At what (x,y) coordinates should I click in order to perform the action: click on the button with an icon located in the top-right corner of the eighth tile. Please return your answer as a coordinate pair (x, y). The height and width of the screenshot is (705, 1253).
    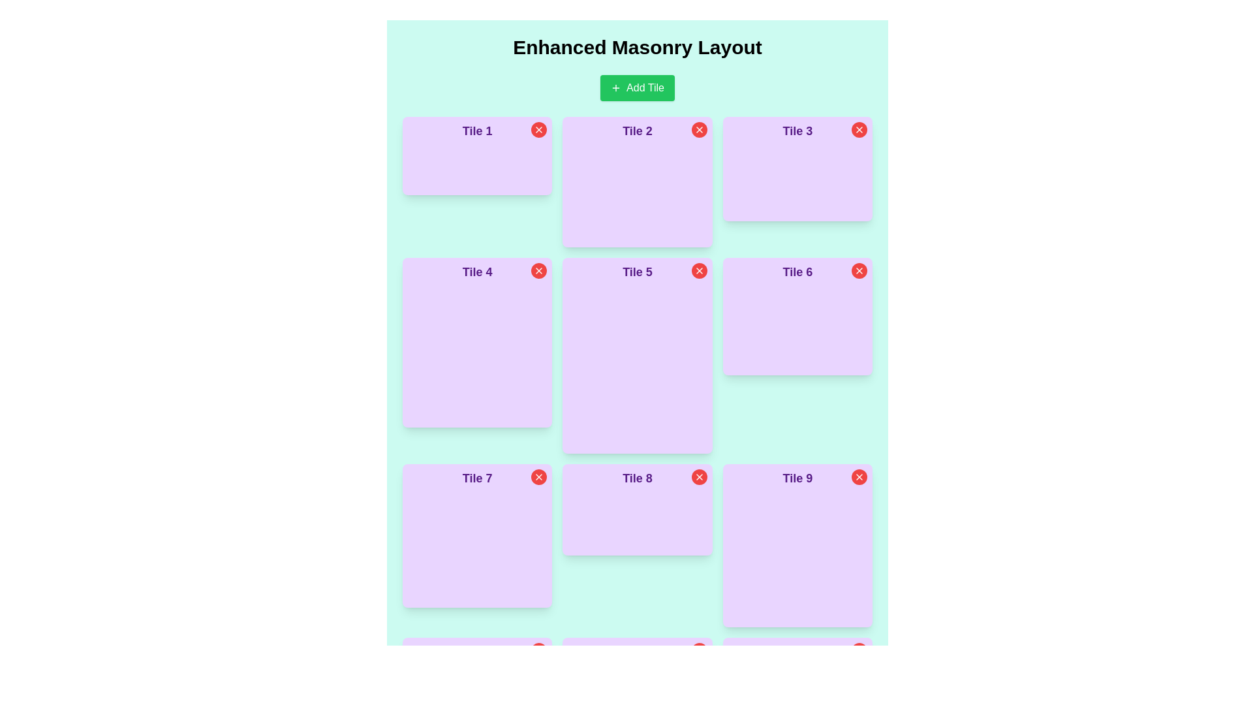
    Looking at the image, I should click on (698, 477).